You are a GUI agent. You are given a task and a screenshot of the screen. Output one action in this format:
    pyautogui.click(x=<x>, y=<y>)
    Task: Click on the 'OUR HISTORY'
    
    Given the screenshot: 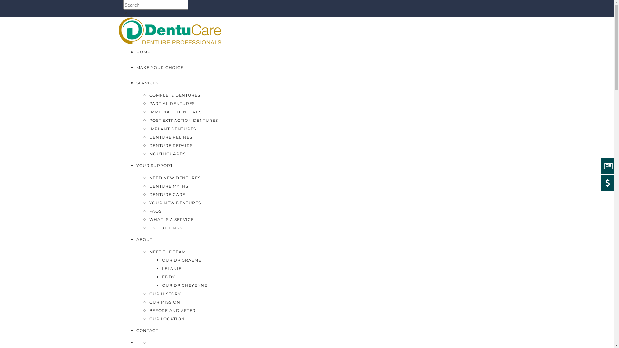 What is the action you would take?
    pyautogui.click(x=148, y=294)
    